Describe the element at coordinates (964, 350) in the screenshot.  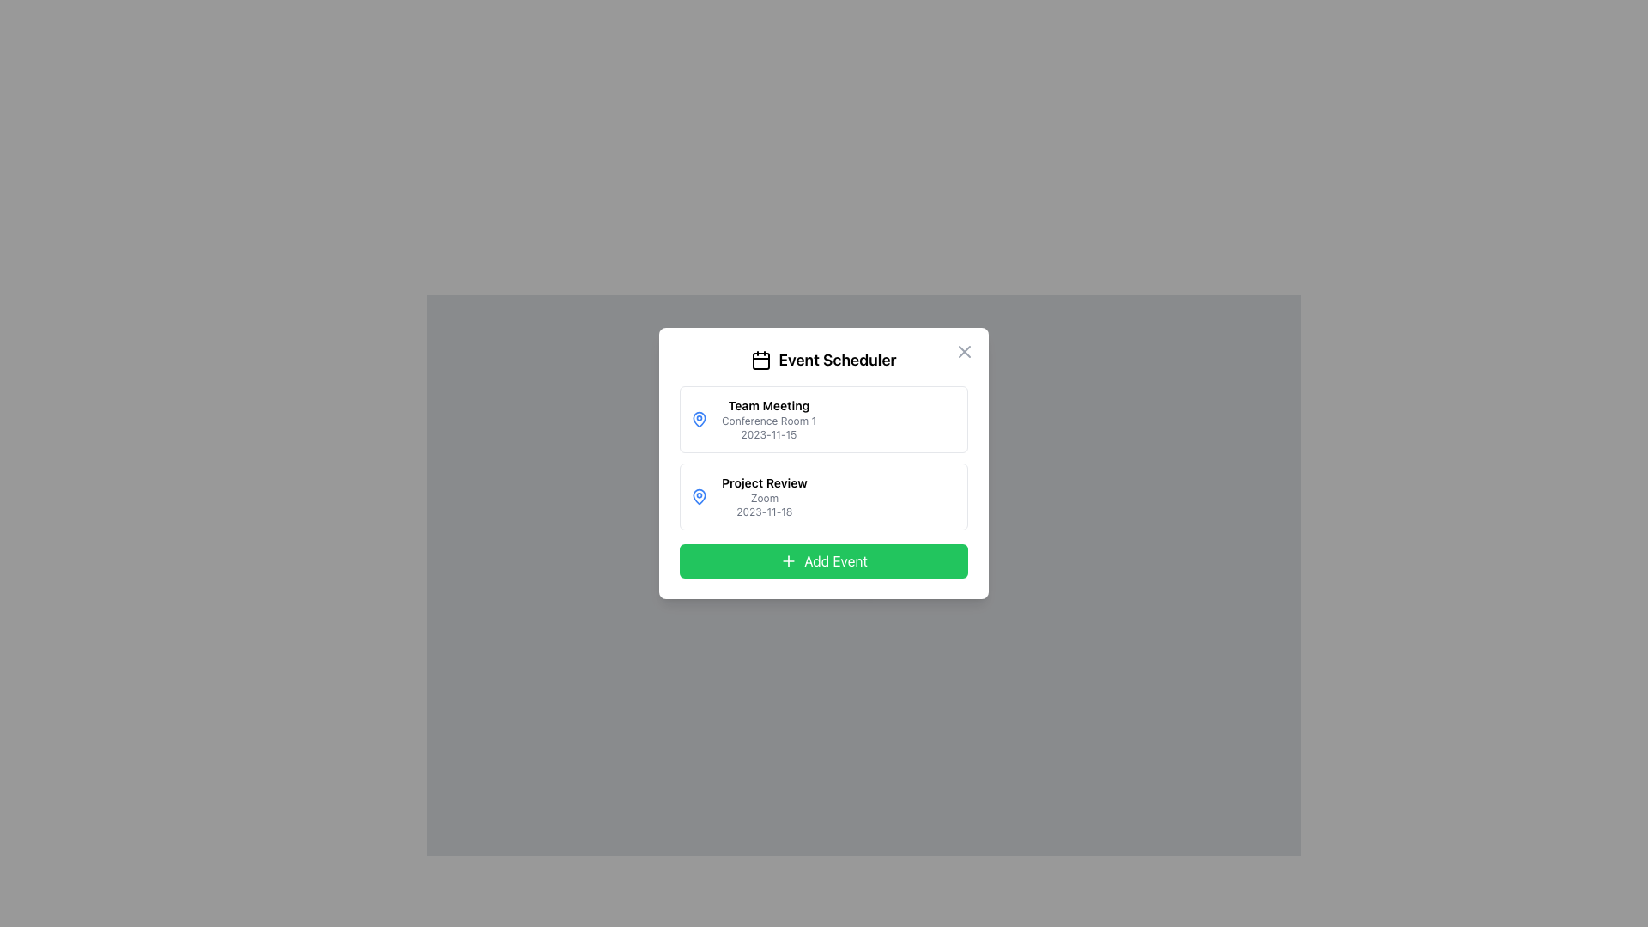
I see `the close icon at the top-right corner of the 'Event Scheduler' modal` at that location.